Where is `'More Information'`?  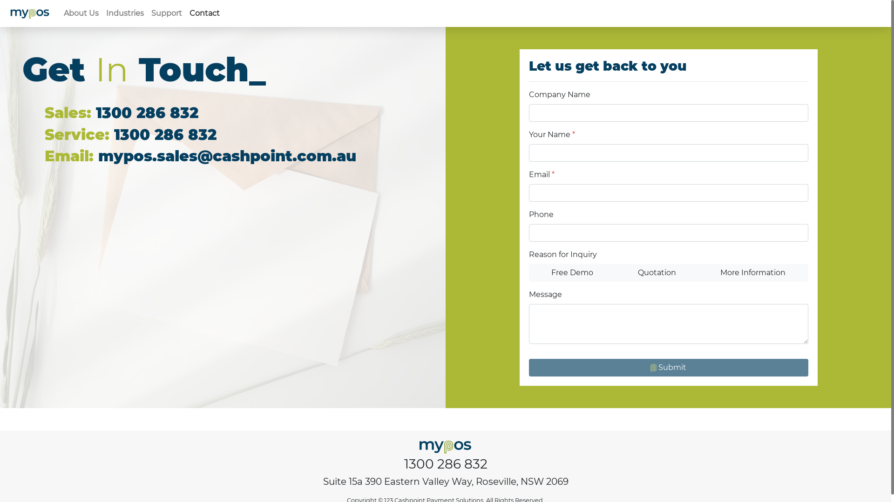
'More Information' is located at coordinates (753, 272).